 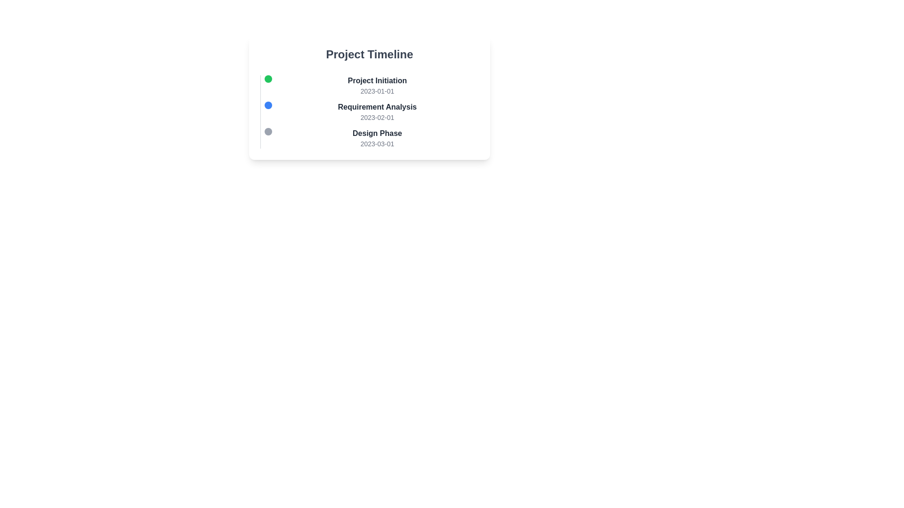 I want to click on the Informative Panel that displays the project timeline overview with key milestones and dates, located centrally in the interface, slightly towards the top, so click(x=369, y=110).